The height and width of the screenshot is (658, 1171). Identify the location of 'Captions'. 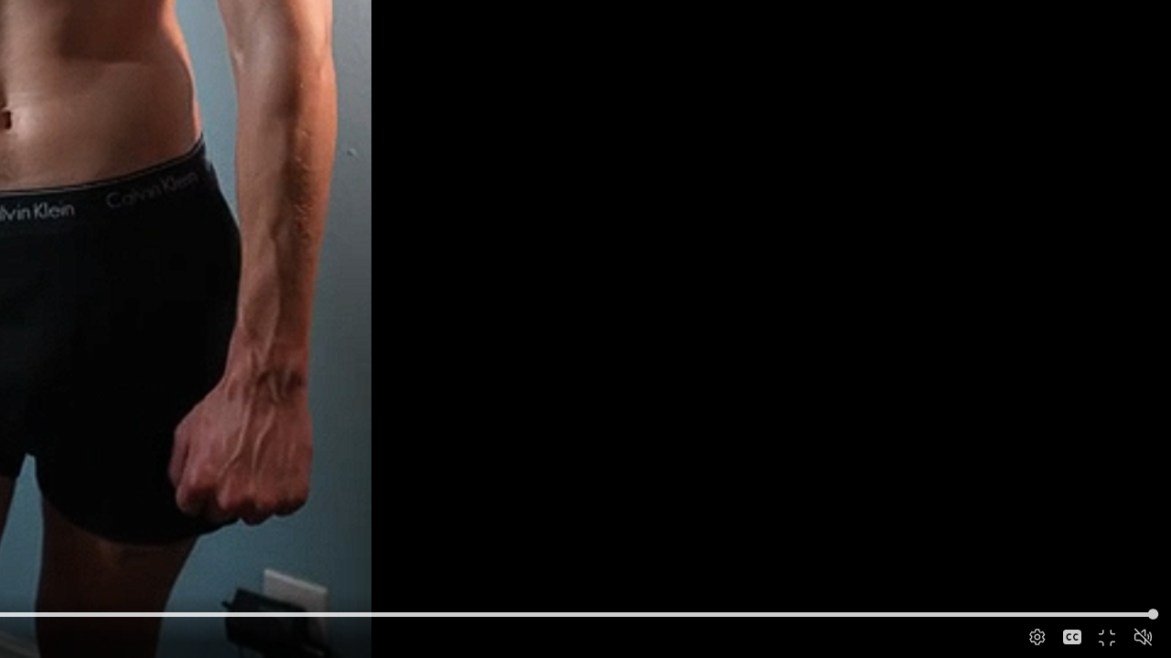
(1071, 636).